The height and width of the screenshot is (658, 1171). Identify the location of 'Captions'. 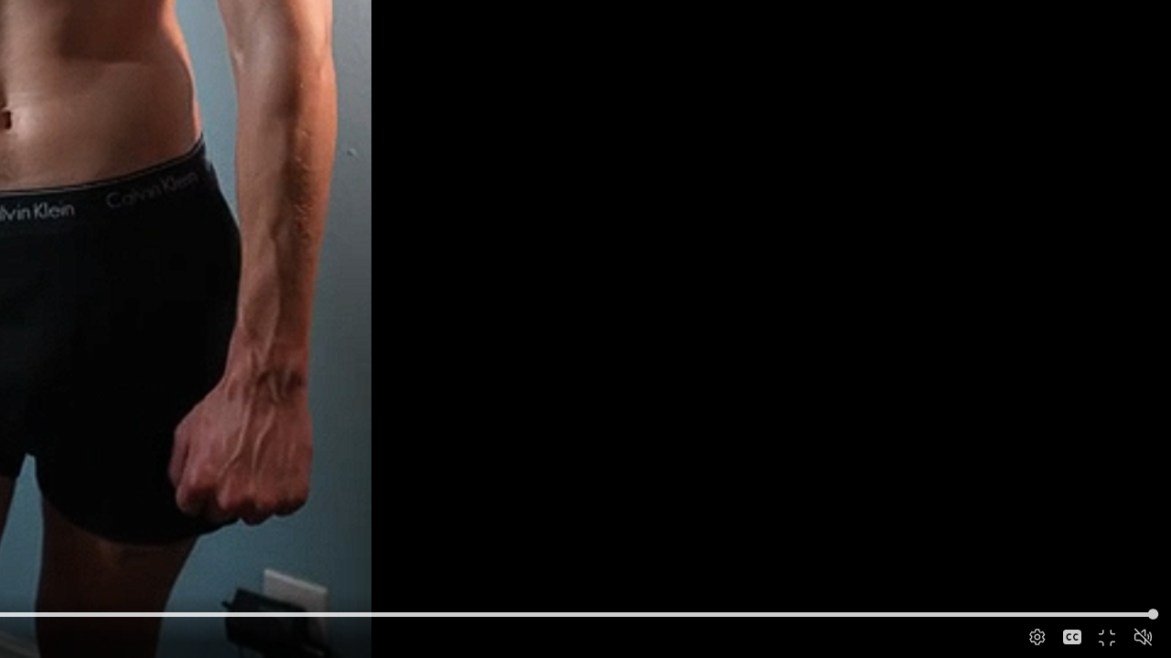
(1071, 636).